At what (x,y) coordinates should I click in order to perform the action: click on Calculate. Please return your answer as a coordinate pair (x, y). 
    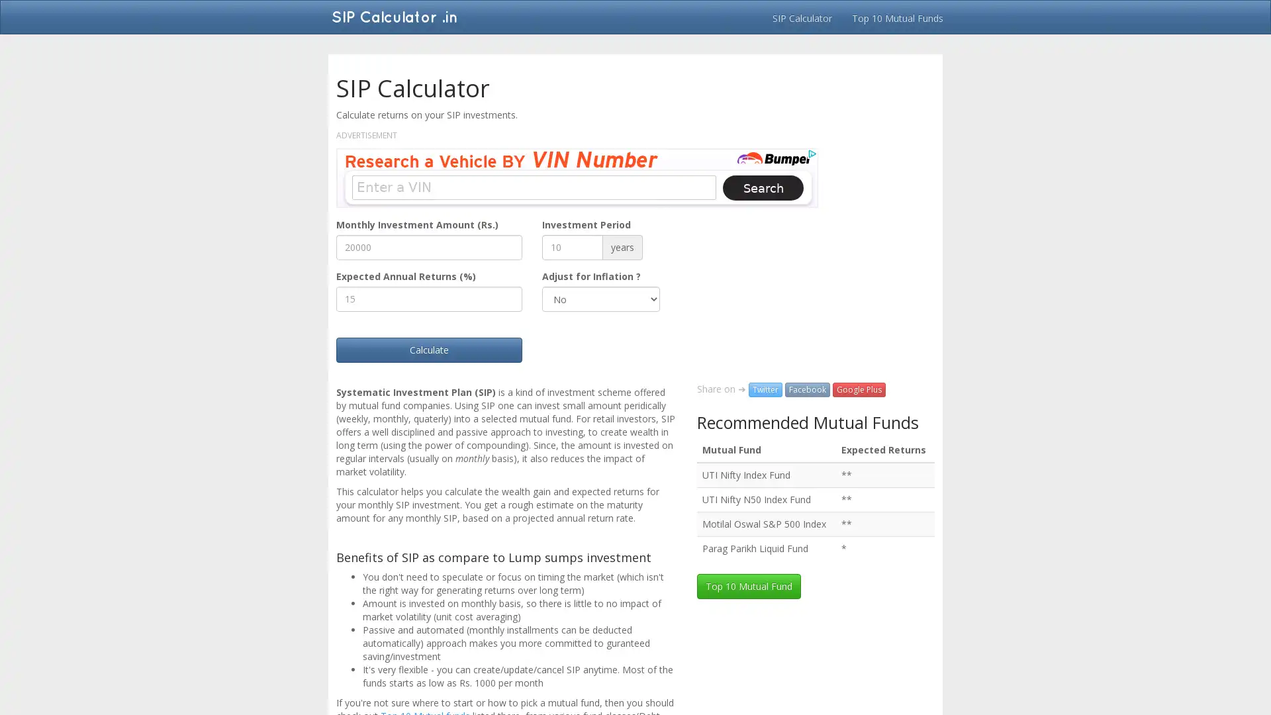
    Looking at the image, I should click on (429, 349).